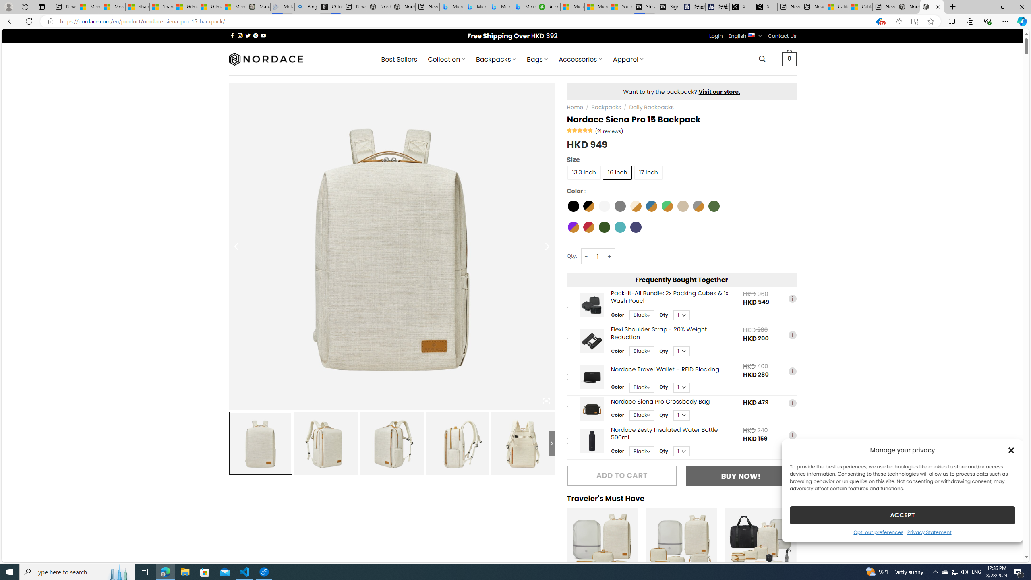  What do you see at coordinates (716, 36) in the screenshot?
I see `'Login'` at bounding box center [716, 36].